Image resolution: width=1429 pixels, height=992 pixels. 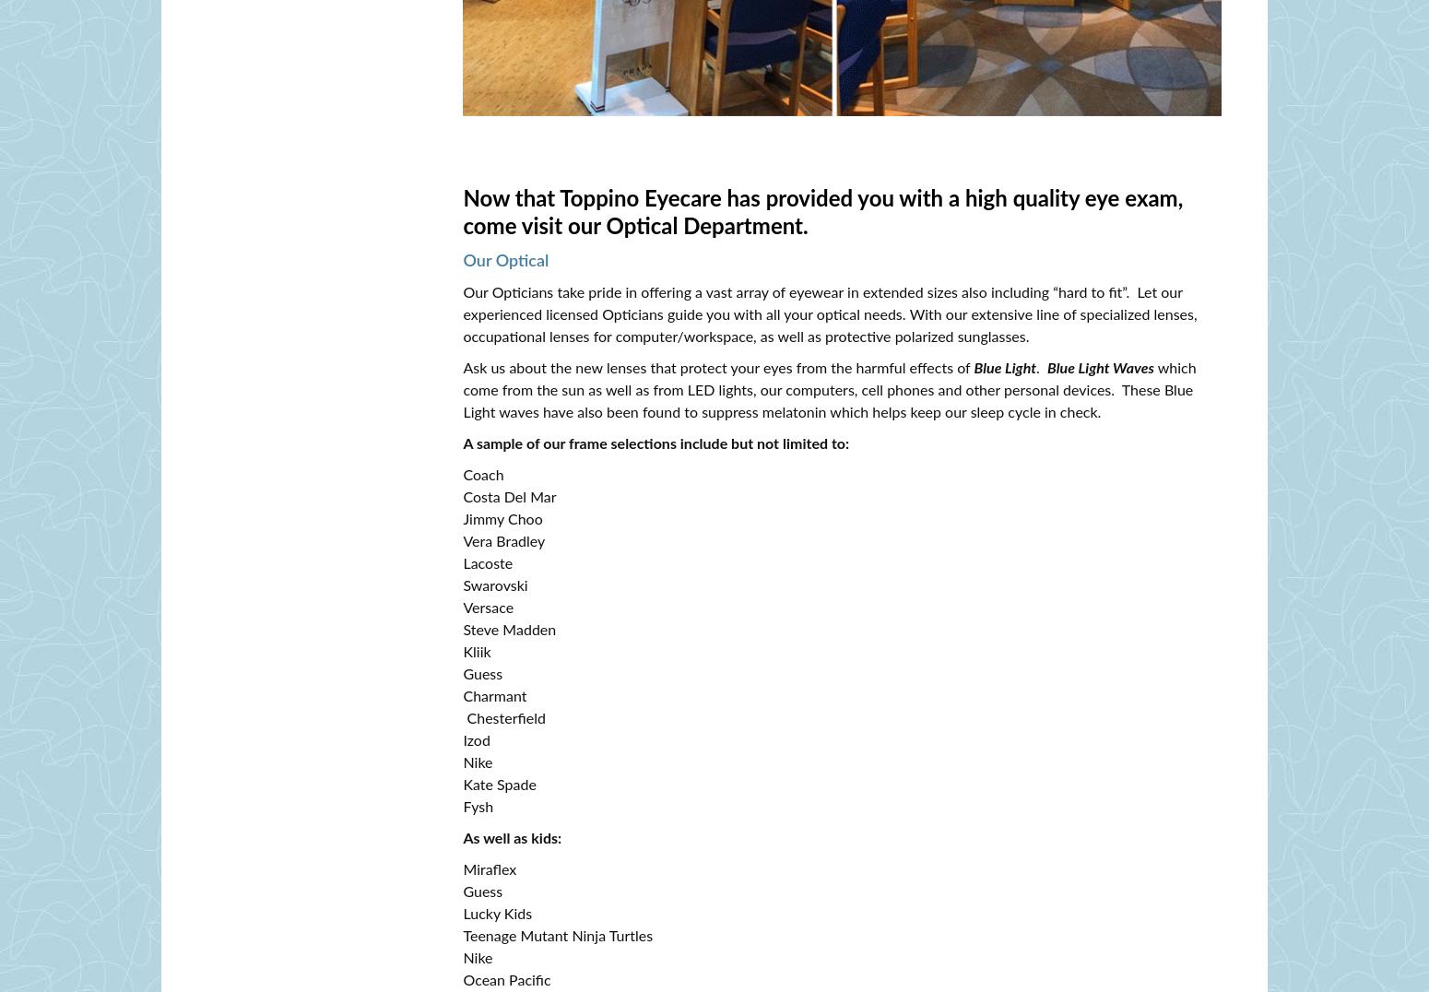 I want to click on 'As well as kids:', so click(x=462, y=837).